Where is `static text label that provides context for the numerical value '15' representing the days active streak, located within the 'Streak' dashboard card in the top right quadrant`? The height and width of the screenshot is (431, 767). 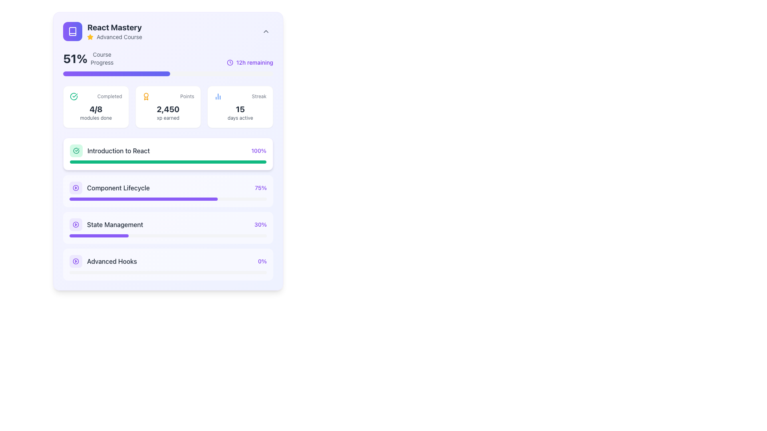
static text label that provides context for the numerical value '15' representing the days active streak, located within the 'Streak' dashboard card in the top right quadrant is located at coordinates (240, 118).